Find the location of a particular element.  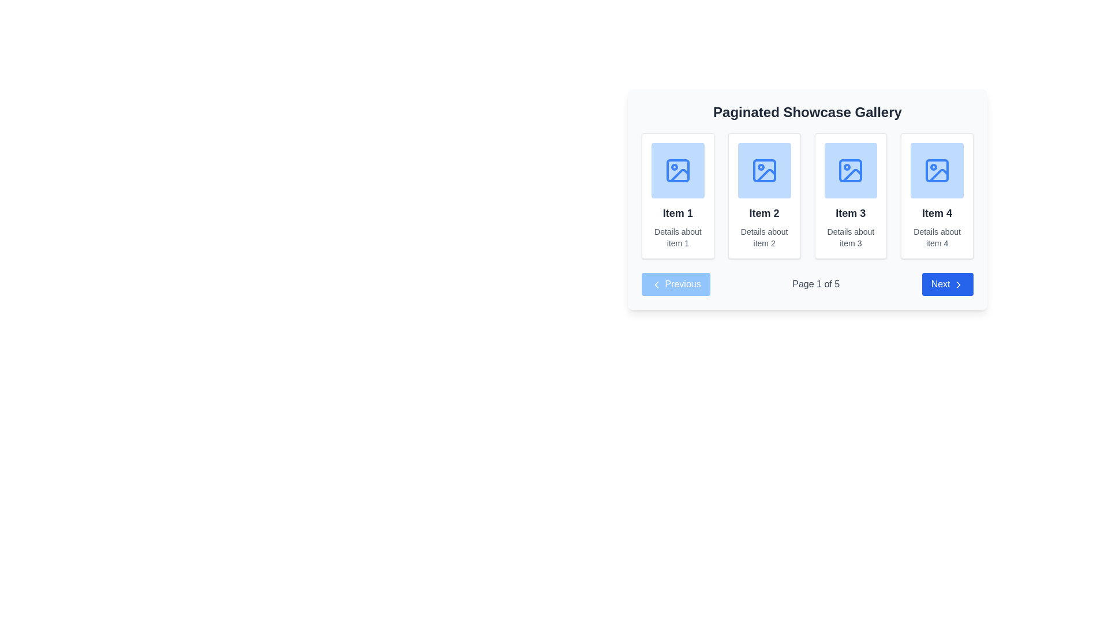

the blueprint-styled image icon labeled 'Item 3' is located at coordinates (851, 171).